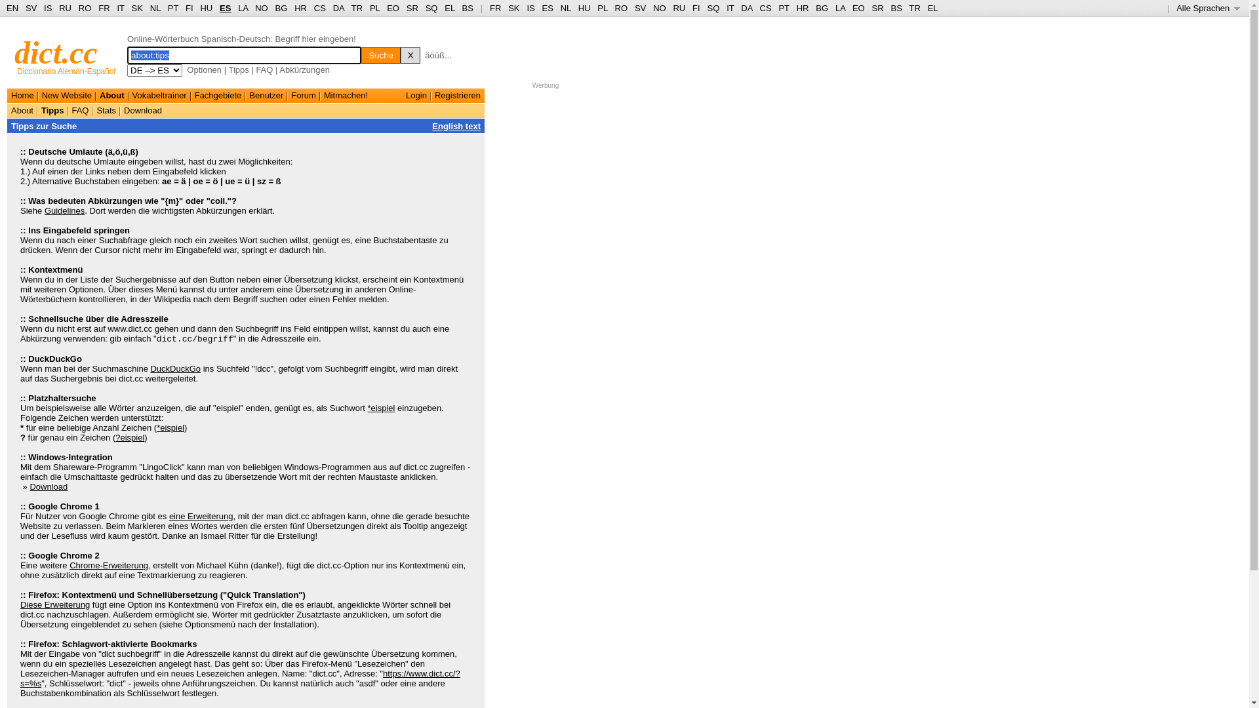 The height and width of the screenshot is (708, 1259). Describe the element at coordinates (357, 8) in the screenshot. I see `'TR'` at that location.